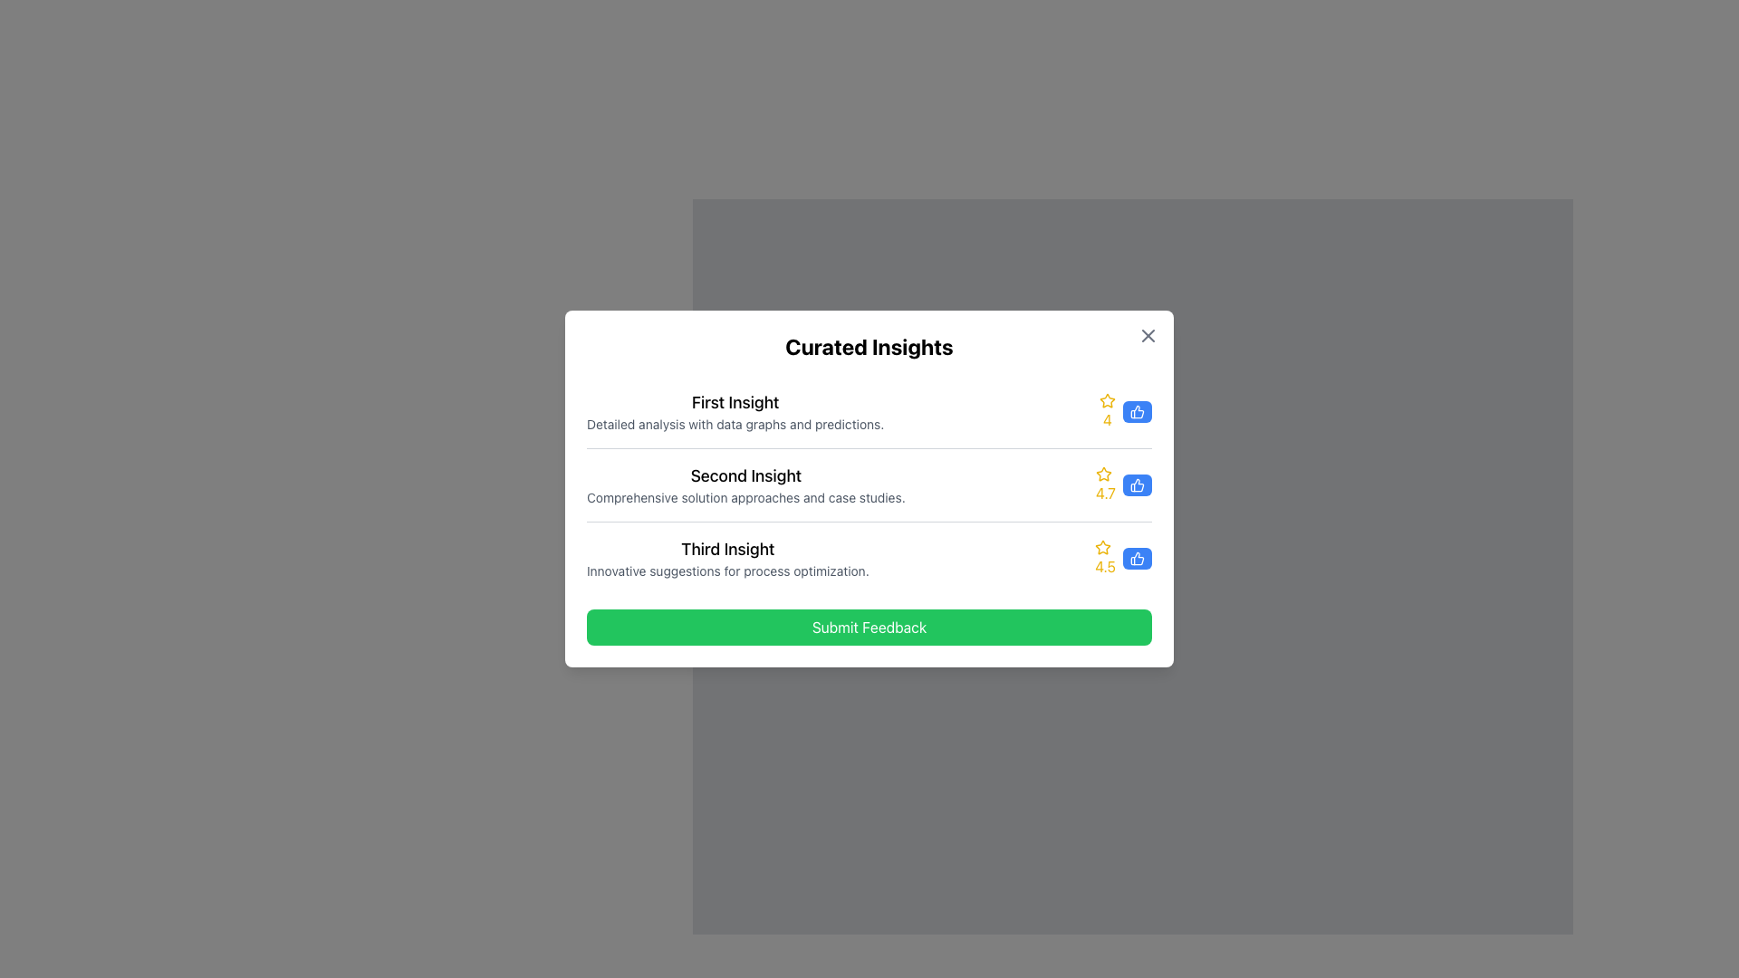  Describe the element at coordinates (1122, 484) in the screenshot. I see `the thumbs-up icon of the Interactive Rating Component positioned as the second rating in the list of insights, aligned horizontally with 'Second Insight'` at that location.